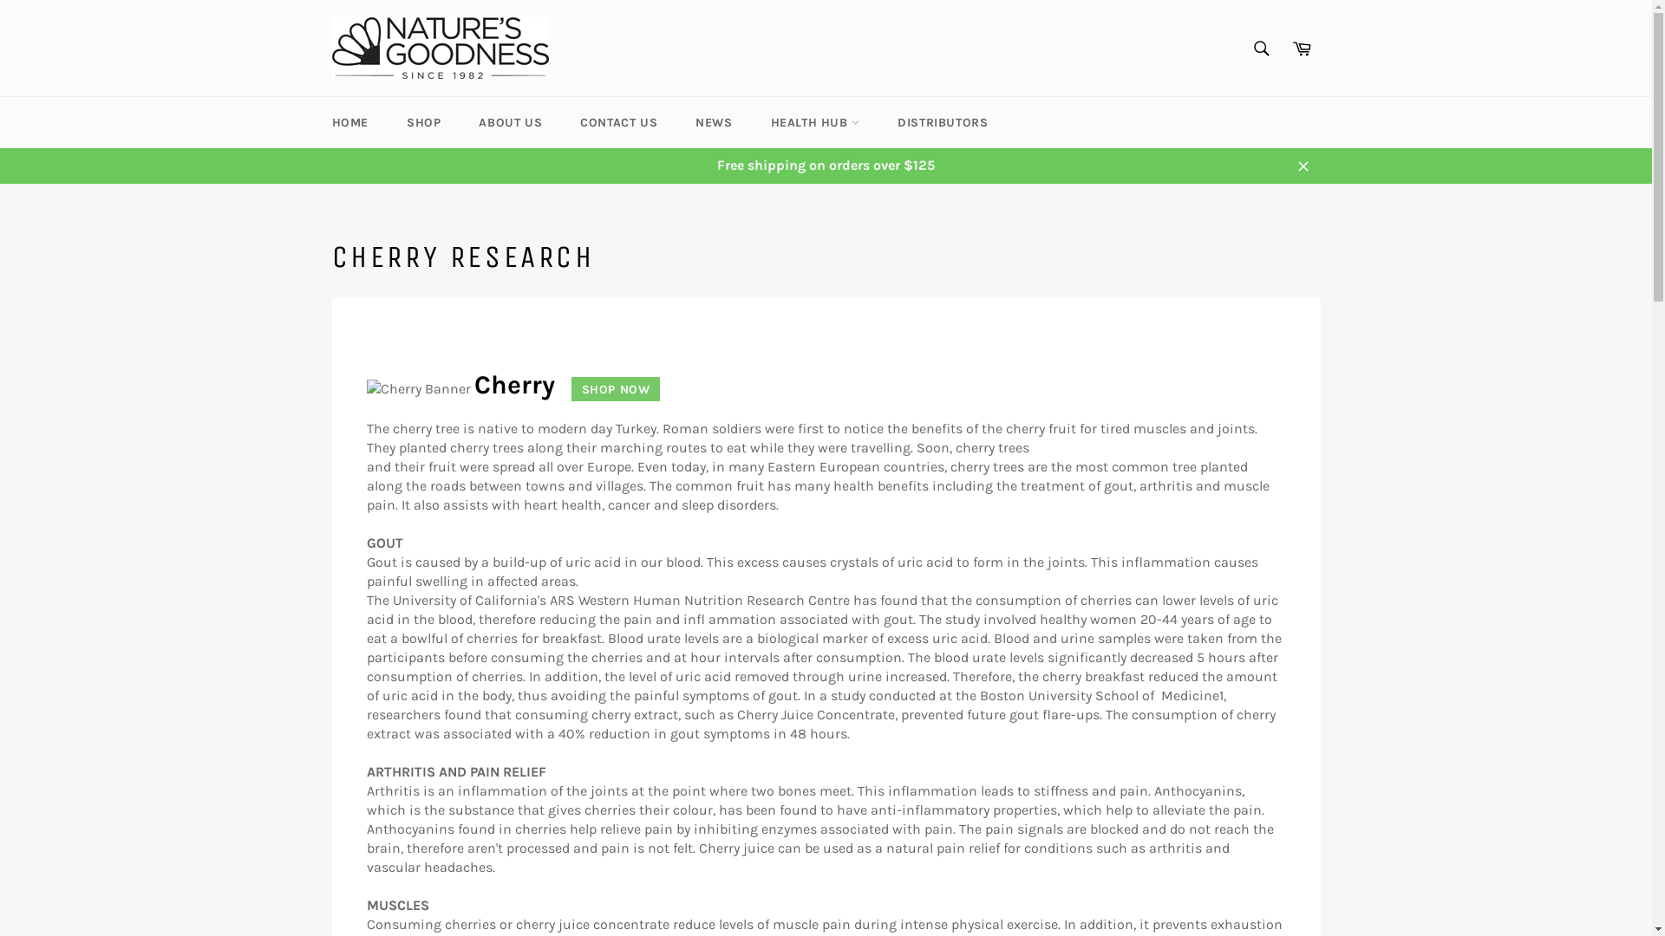 The height and width of the screenshot is (936, 1665). Describe the element at coordinates (941, 121) in the screenshot. I see `'DISTRIBUTORS'` at that location.